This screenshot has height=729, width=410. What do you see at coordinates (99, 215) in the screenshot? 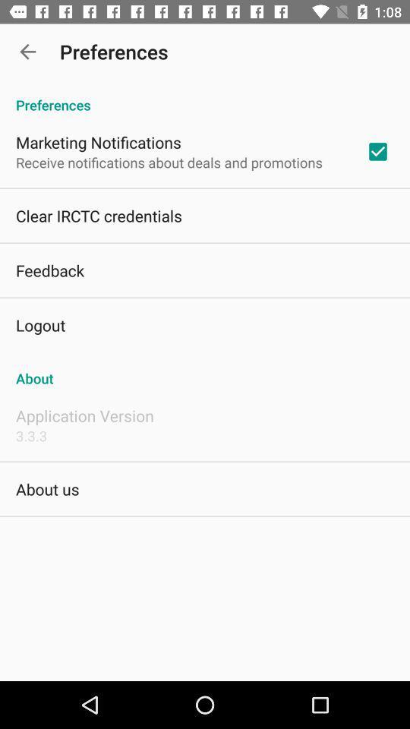
I see `clear irctc credentials app` at bounding box center [99, 215].